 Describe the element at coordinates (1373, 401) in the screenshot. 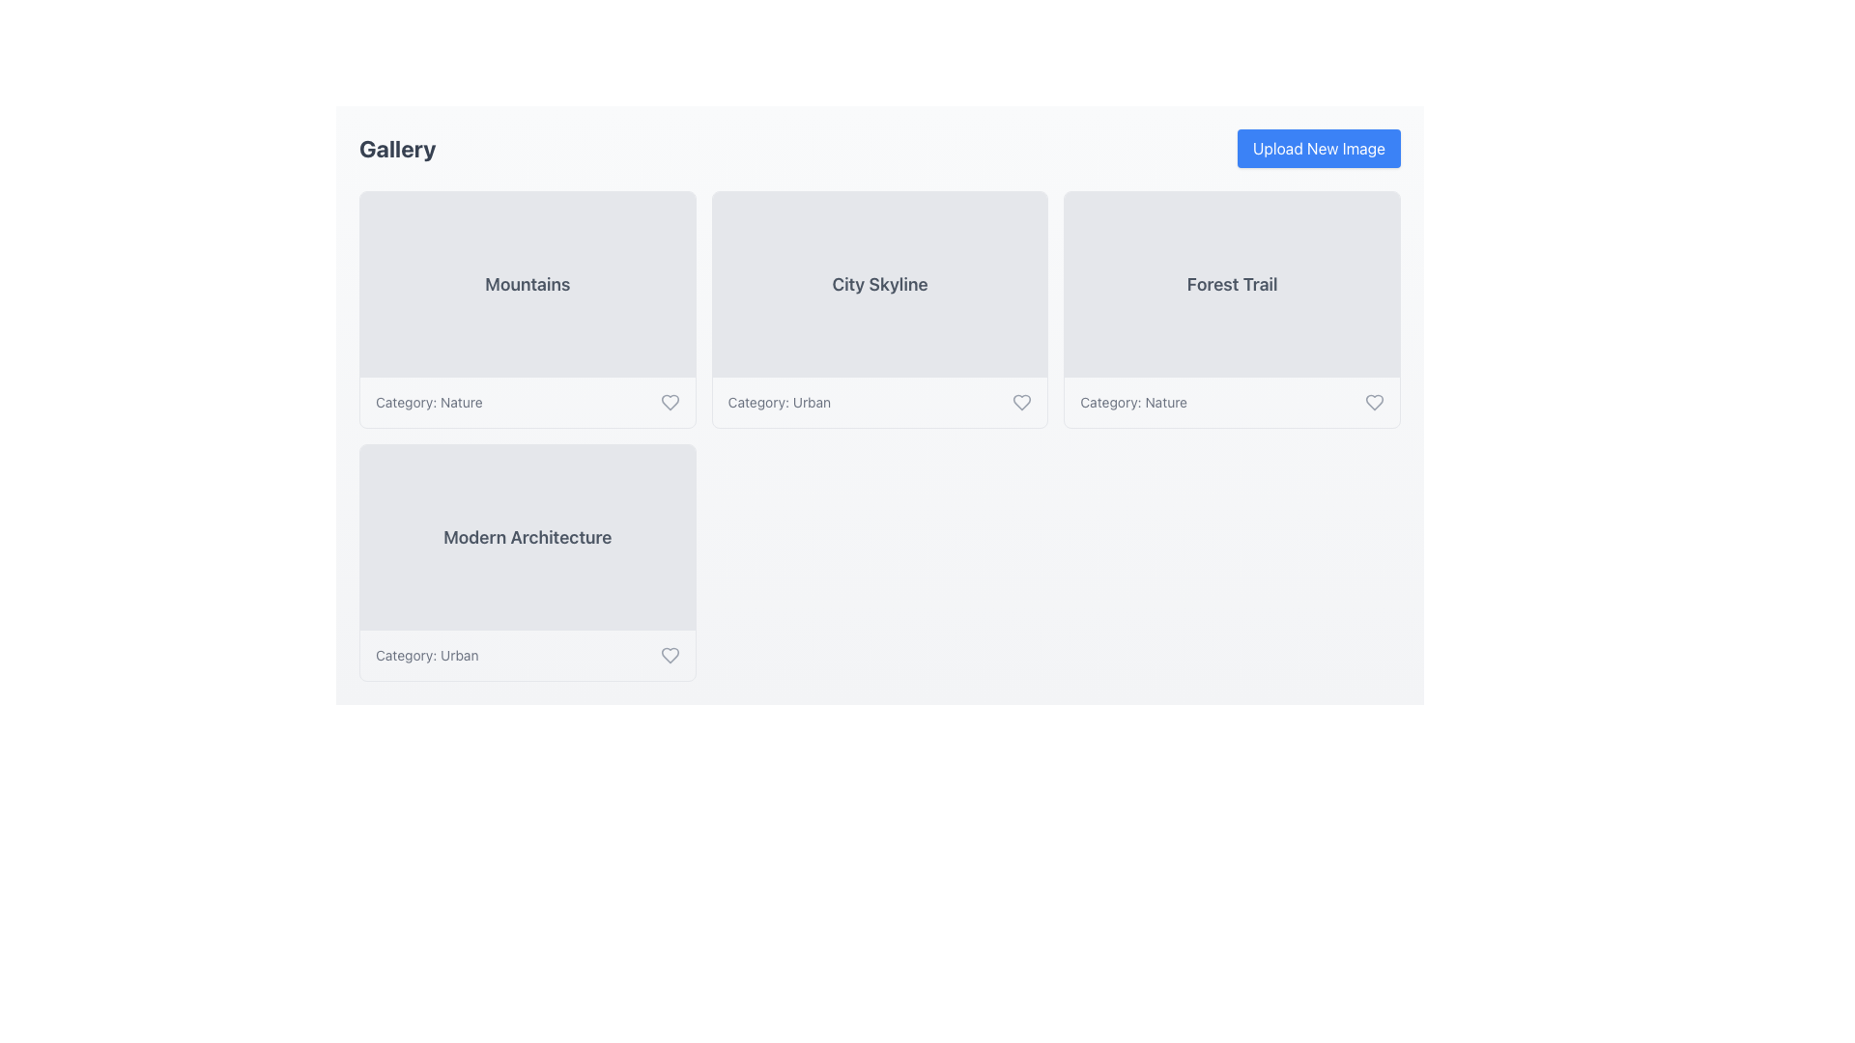

I see `the heart icon button located at the bottom right corner of the card labeled 'Forest Trail, Category: Nature'` at that location.